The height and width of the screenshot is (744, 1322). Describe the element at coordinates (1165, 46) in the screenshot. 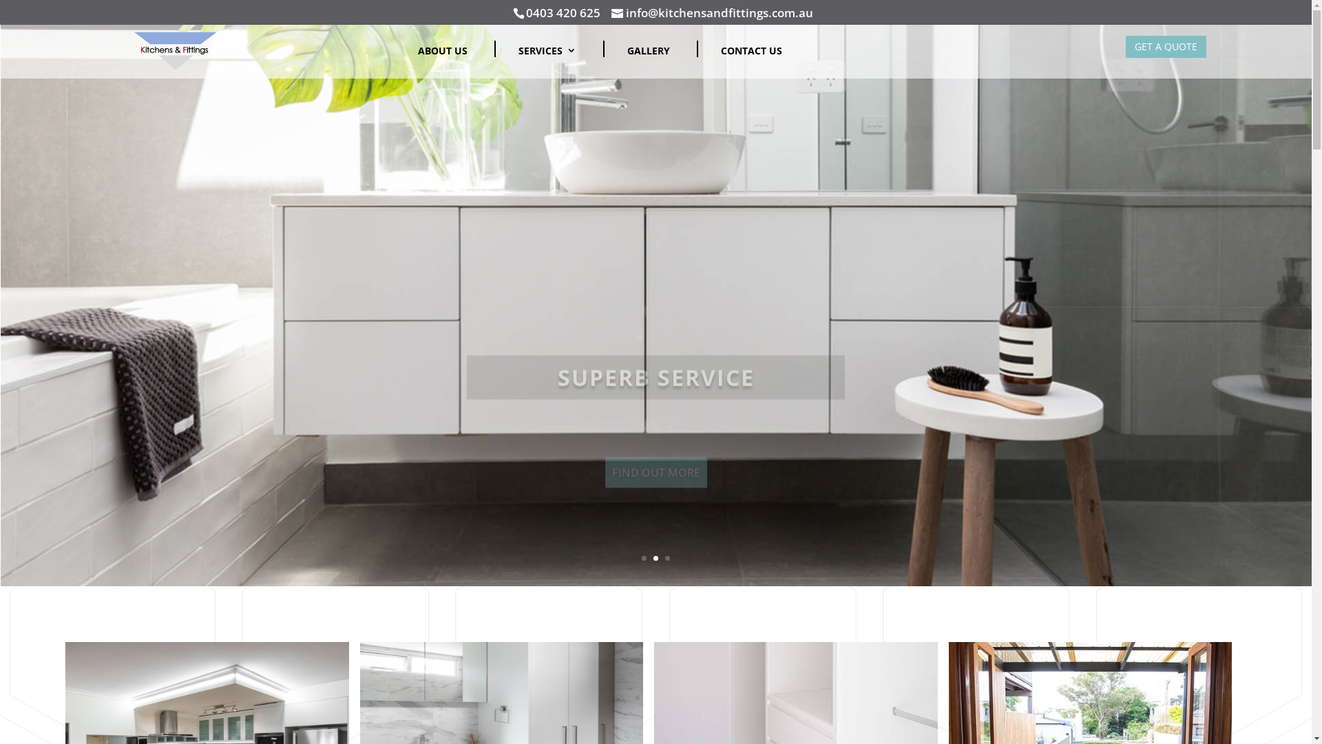

I see `'GET A QUOTE'` at that location.